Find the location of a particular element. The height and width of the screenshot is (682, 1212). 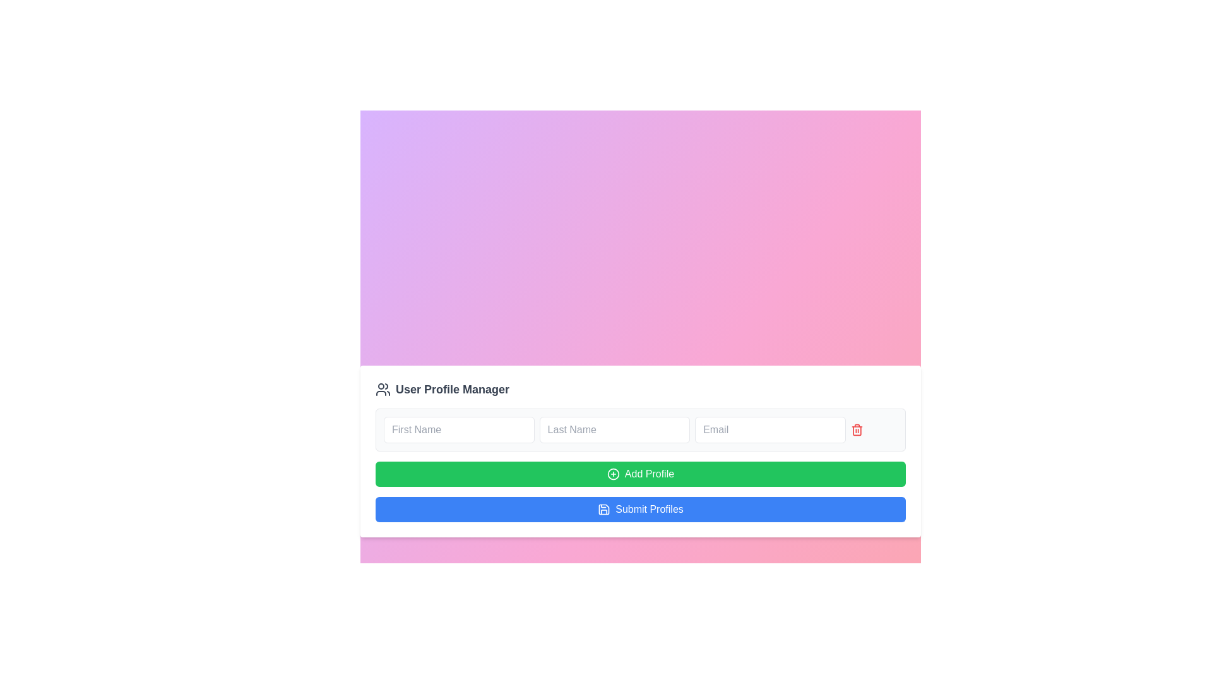

the trash can icon in the top-right corner of the form section is located at coordinates (857, 430).